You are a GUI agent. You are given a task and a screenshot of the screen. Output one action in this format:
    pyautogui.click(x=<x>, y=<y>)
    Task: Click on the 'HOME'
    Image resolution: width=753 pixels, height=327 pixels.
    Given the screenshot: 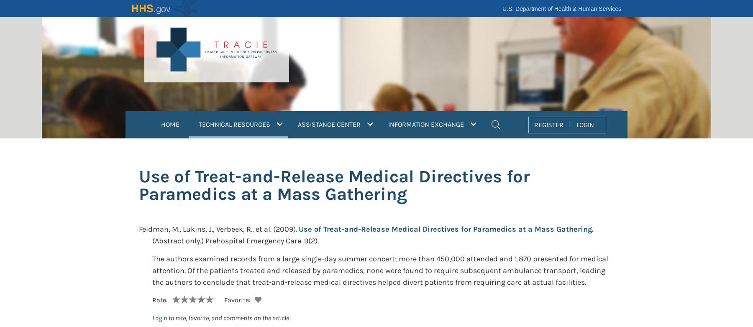 What is the action you would take?
    pyautogui.click(x=170, y=124)
    